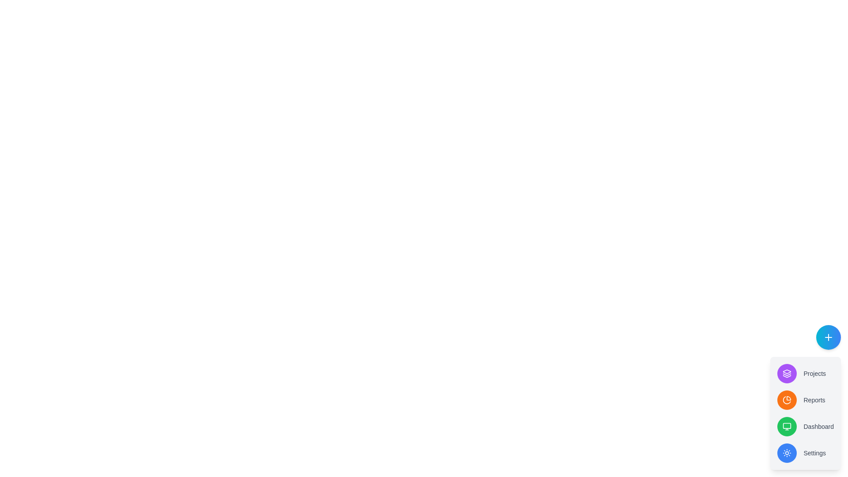 The width and height of the screenshot is (848, 477). I want to click on the 'Reports' icon button, which is the second item in a vertical stack of four icons located at the bottom right corner of the main interface, so click(787, 400).